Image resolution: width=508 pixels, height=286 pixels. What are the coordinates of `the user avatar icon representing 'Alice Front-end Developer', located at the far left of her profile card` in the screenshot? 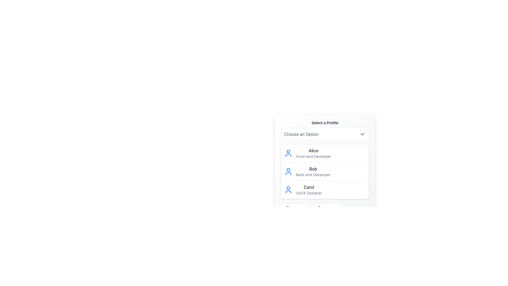 It's located at (288, 153).